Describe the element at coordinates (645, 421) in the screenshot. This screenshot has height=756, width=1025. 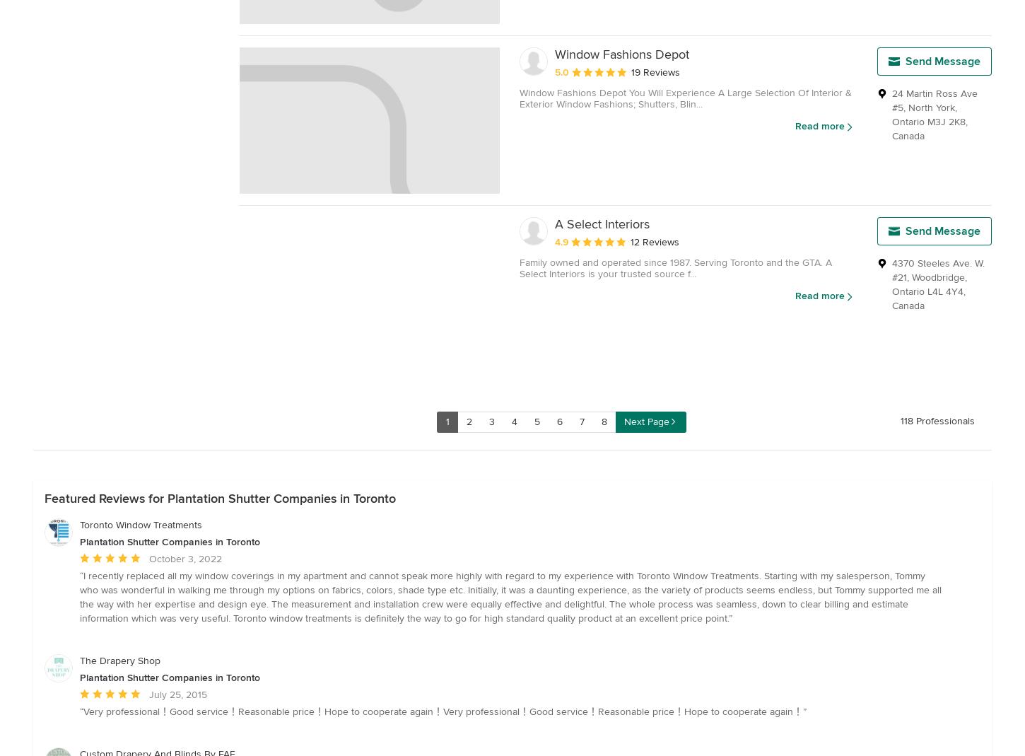
I see `'Next Page'` at that location.